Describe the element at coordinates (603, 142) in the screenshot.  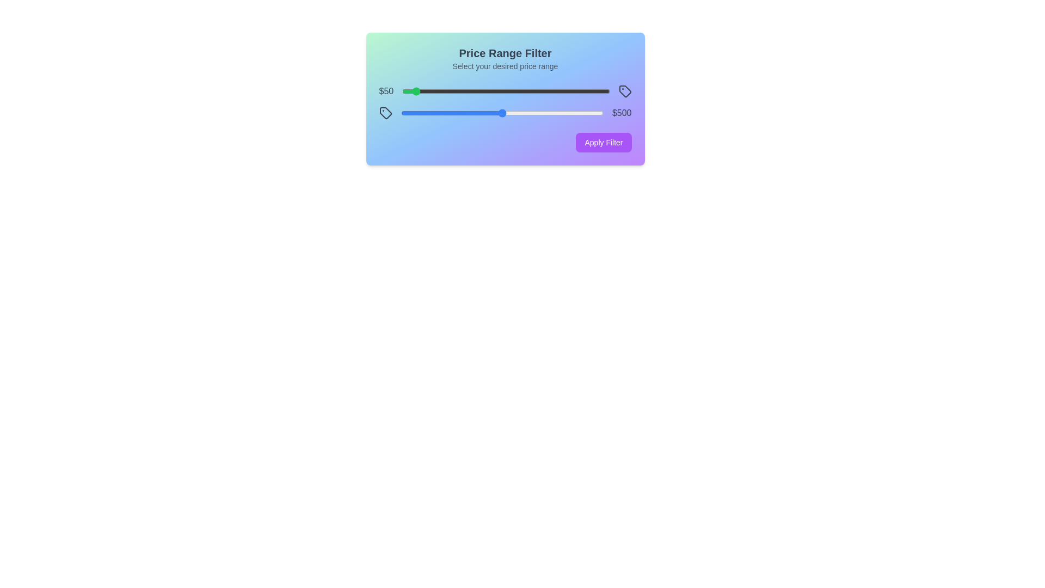
I see `the 'Apply Filter' button` at that location.